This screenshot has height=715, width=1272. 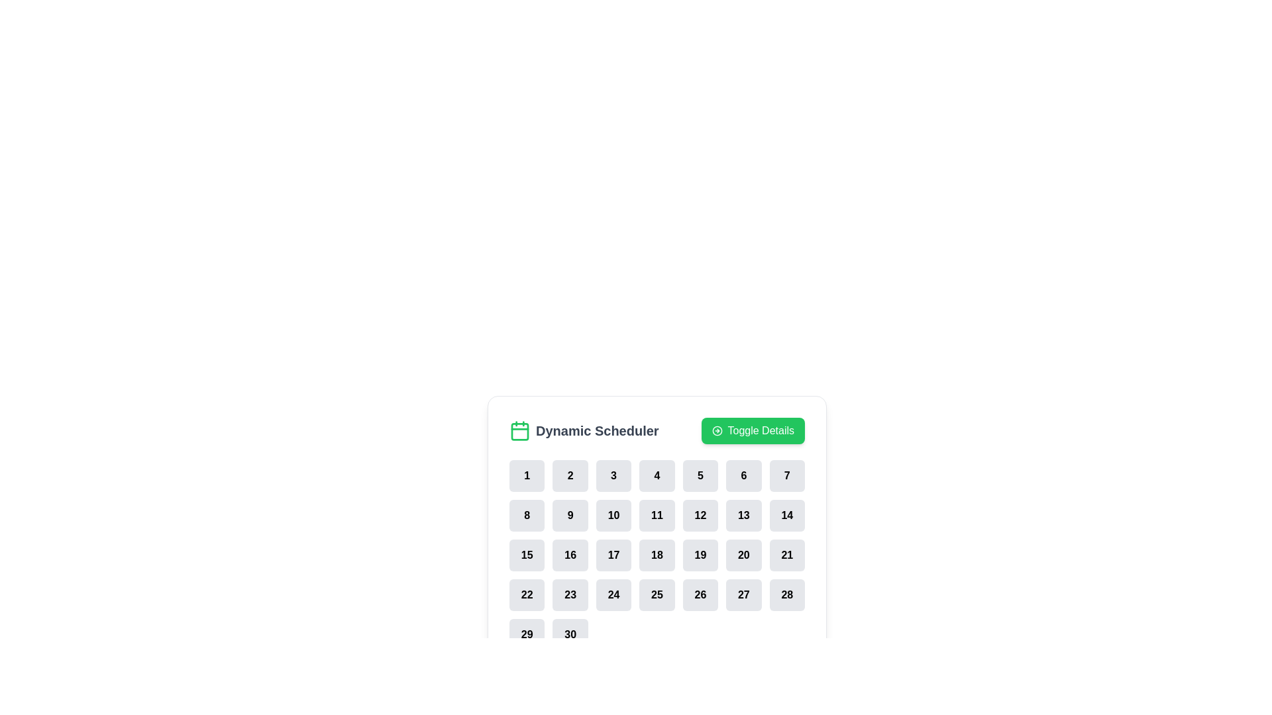 I want to click on the button displaying '9' to observe the visual change to a green shade, so click(x=570, y=515).